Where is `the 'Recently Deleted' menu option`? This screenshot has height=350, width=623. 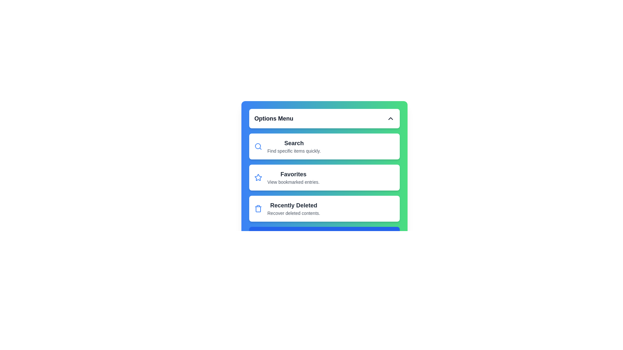 the 'Recently Deleted' menu option is located at coordinates (293, 209).